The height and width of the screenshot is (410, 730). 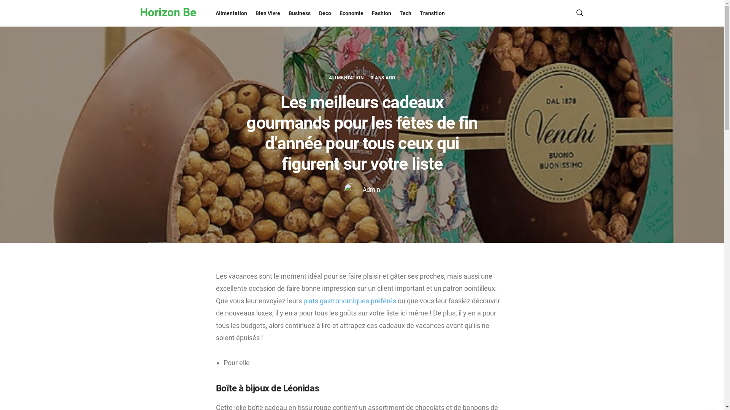 I want to click on 'Fashion', so click(x=367, y=13).